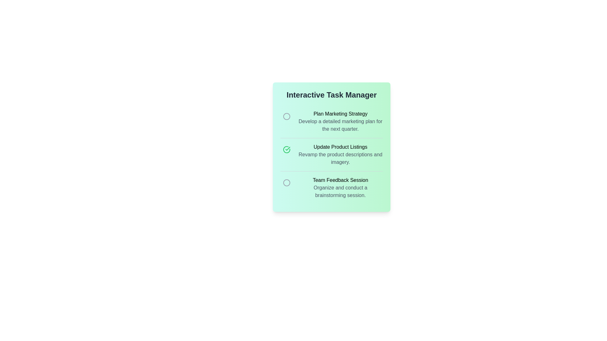  I want to click on the completion icon for the task 'Team Feedback Session', so click(286, 182).